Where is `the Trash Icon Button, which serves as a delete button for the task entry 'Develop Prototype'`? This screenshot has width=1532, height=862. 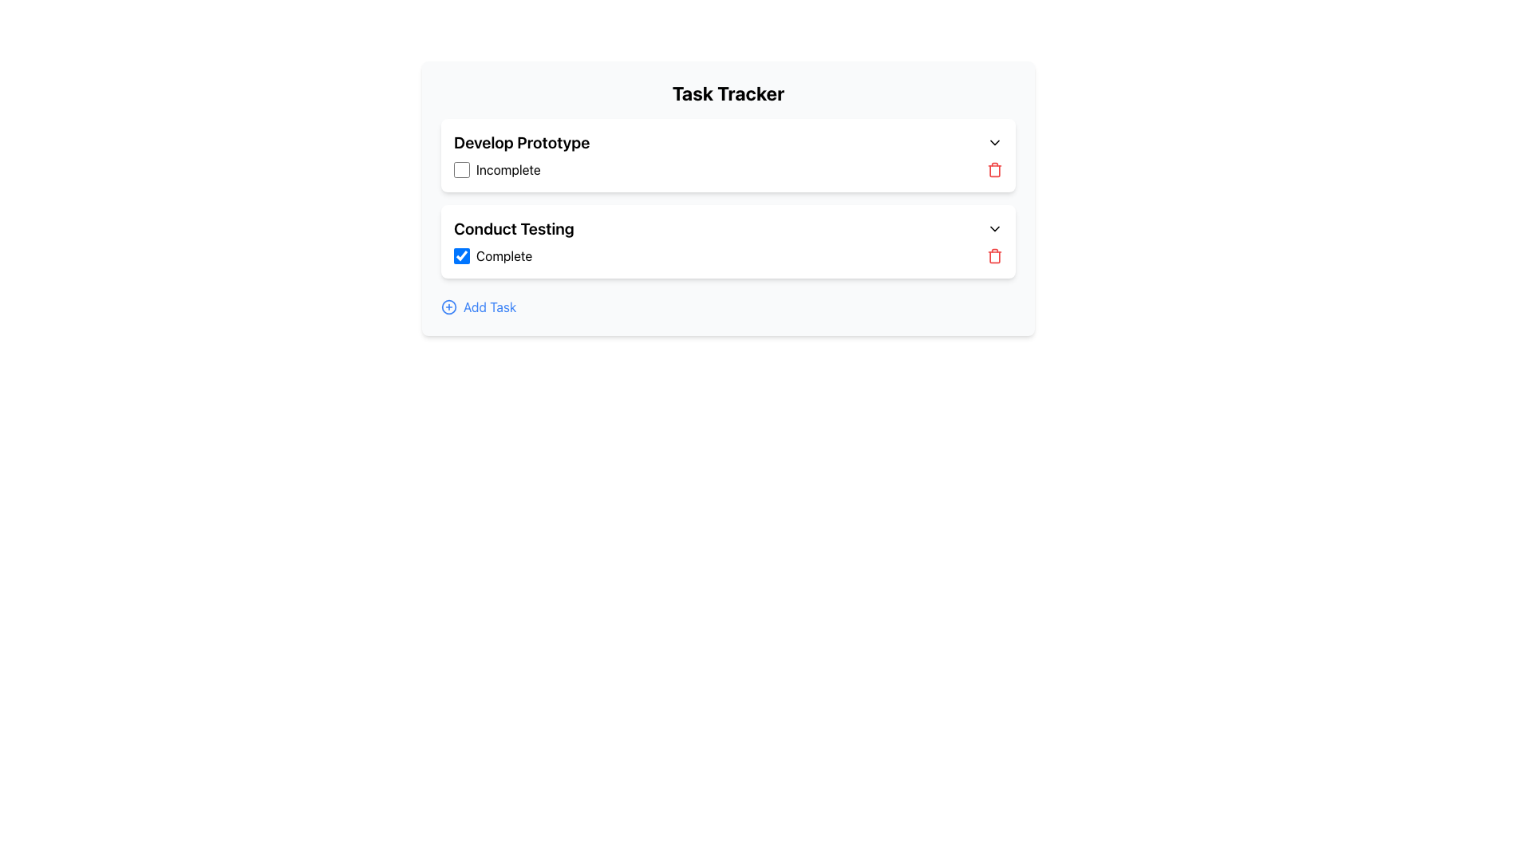 the Trash Icon Button, which serves as a delete button for the task entry 'Develop Prototype' is located at coordinates (994, 169).